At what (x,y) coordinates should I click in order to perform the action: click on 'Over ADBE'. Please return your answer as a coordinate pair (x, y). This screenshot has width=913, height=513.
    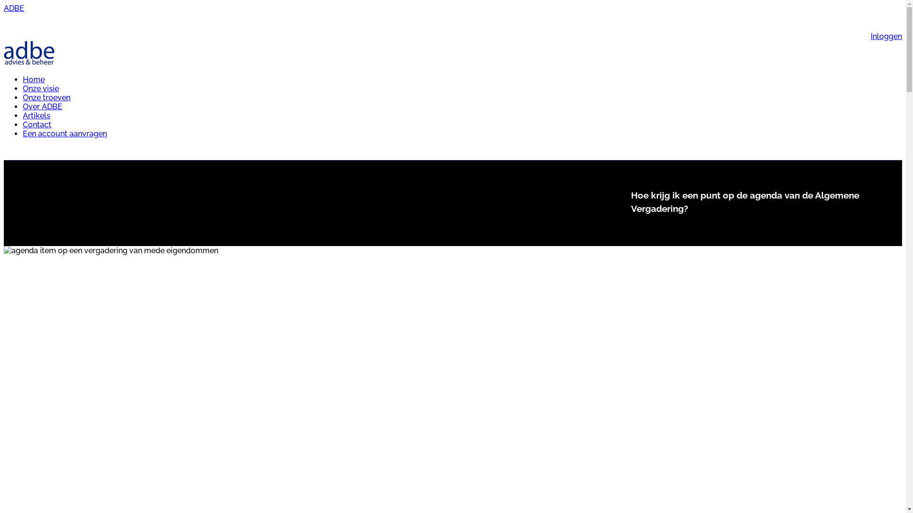
    Looking at the image, I should click on (42, 106).